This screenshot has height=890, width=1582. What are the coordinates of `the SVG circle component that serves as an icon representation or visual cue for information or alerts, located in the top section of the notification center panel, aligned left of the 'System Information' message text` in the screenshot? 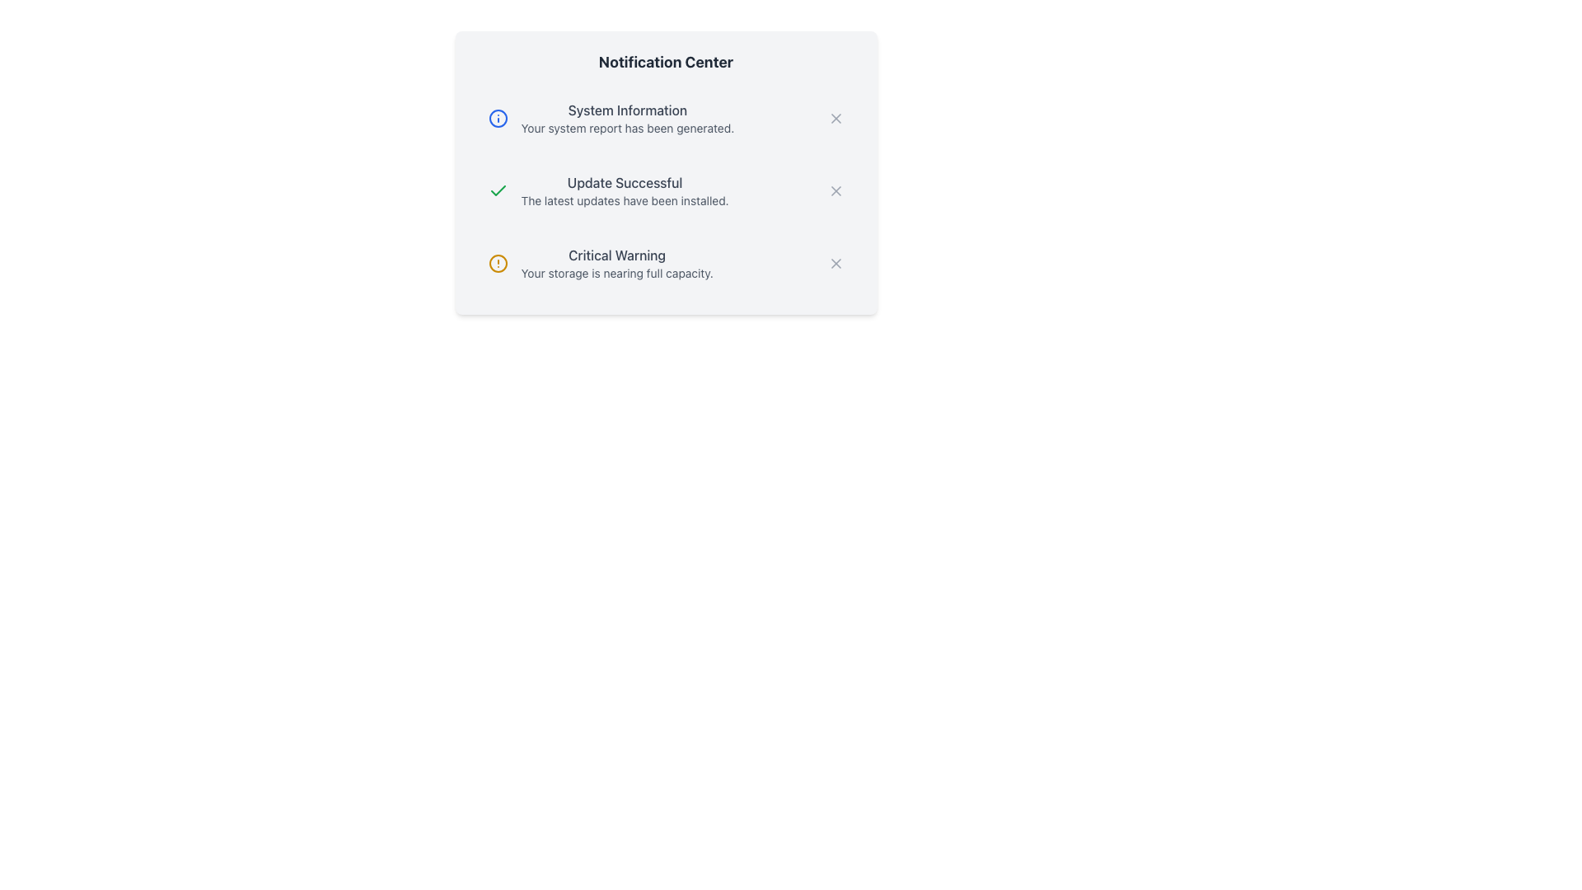 It's located at (497, 117).